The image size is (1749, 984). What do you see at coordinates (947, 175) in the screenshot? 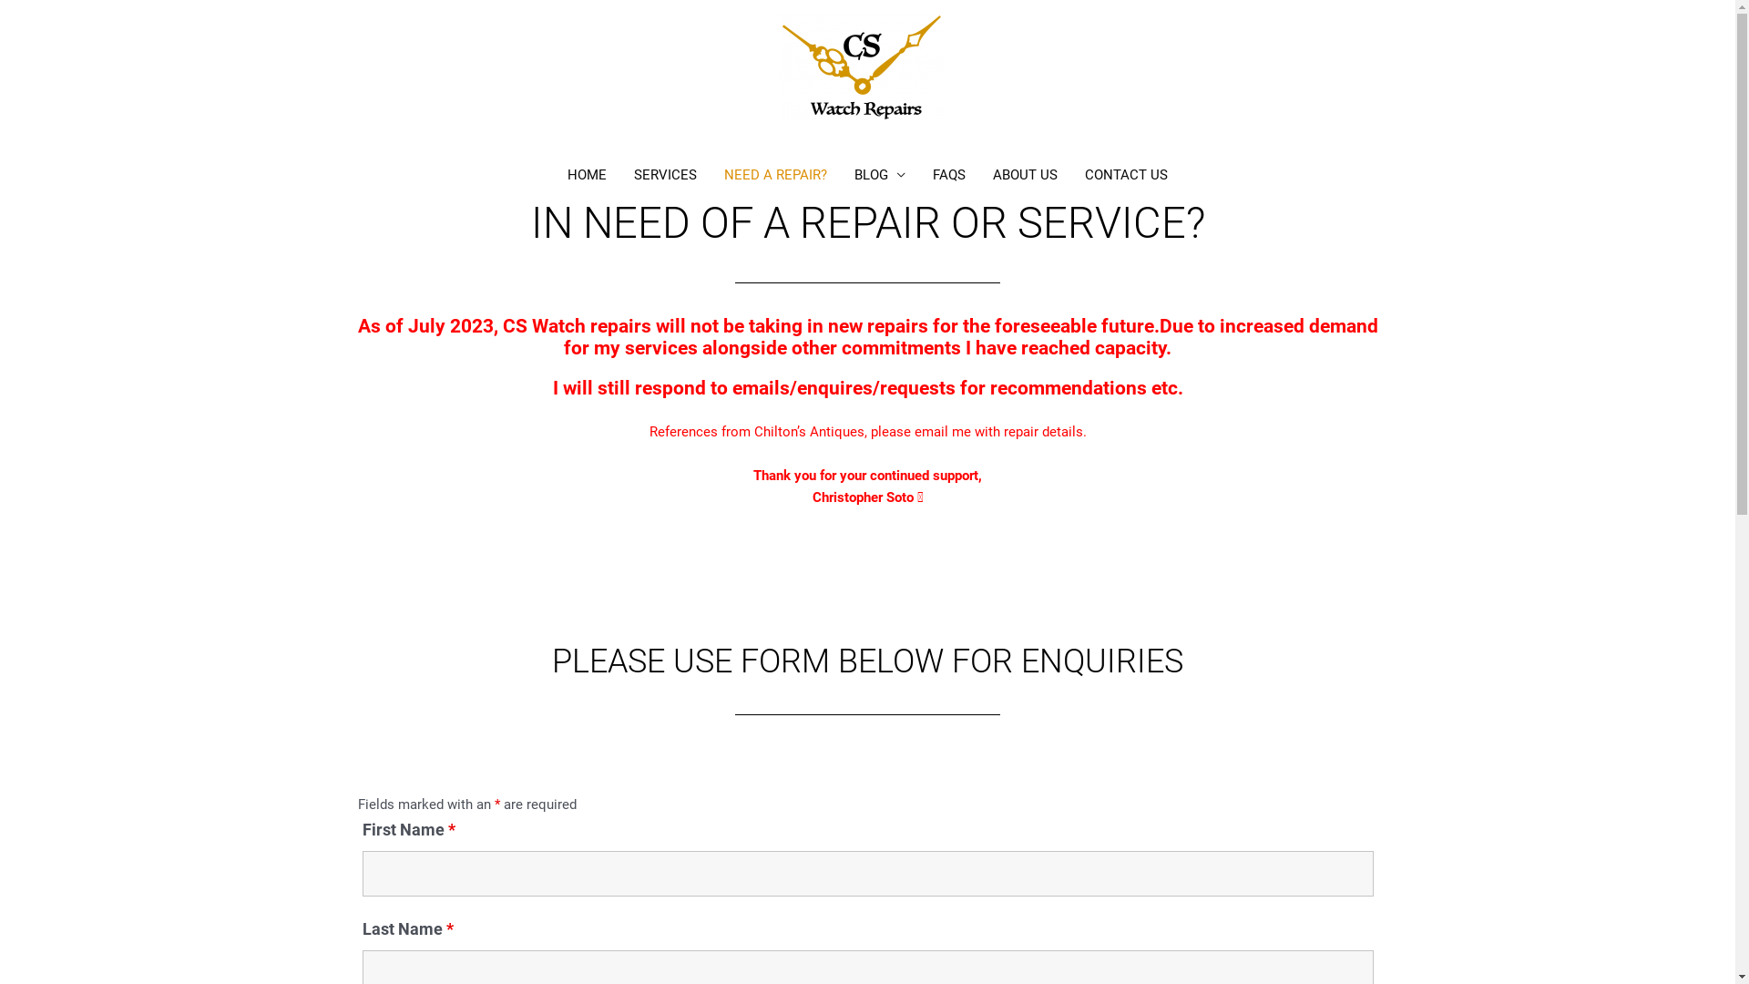
I see `'FAQS'` at bounding box center [947, 175].